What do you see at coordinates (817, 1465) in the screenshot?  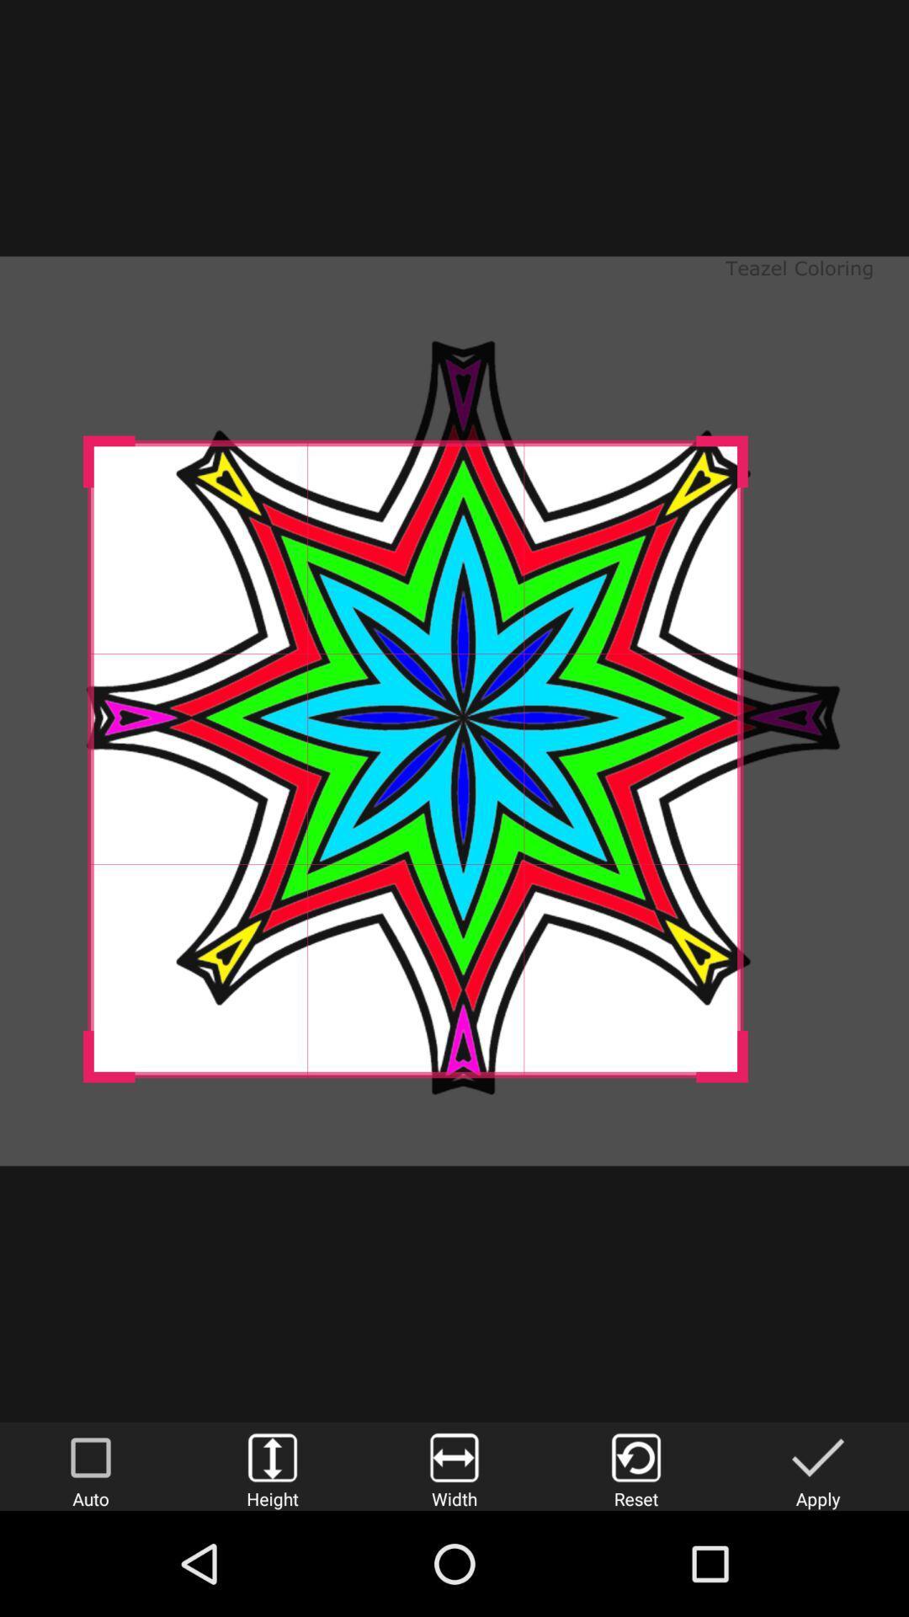 I see `the check icon` at bounding box center [817, 1465].